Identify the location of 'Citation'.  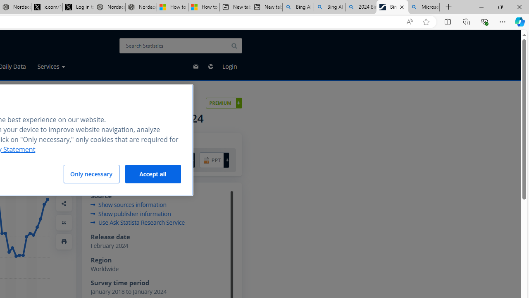
(64, 222).